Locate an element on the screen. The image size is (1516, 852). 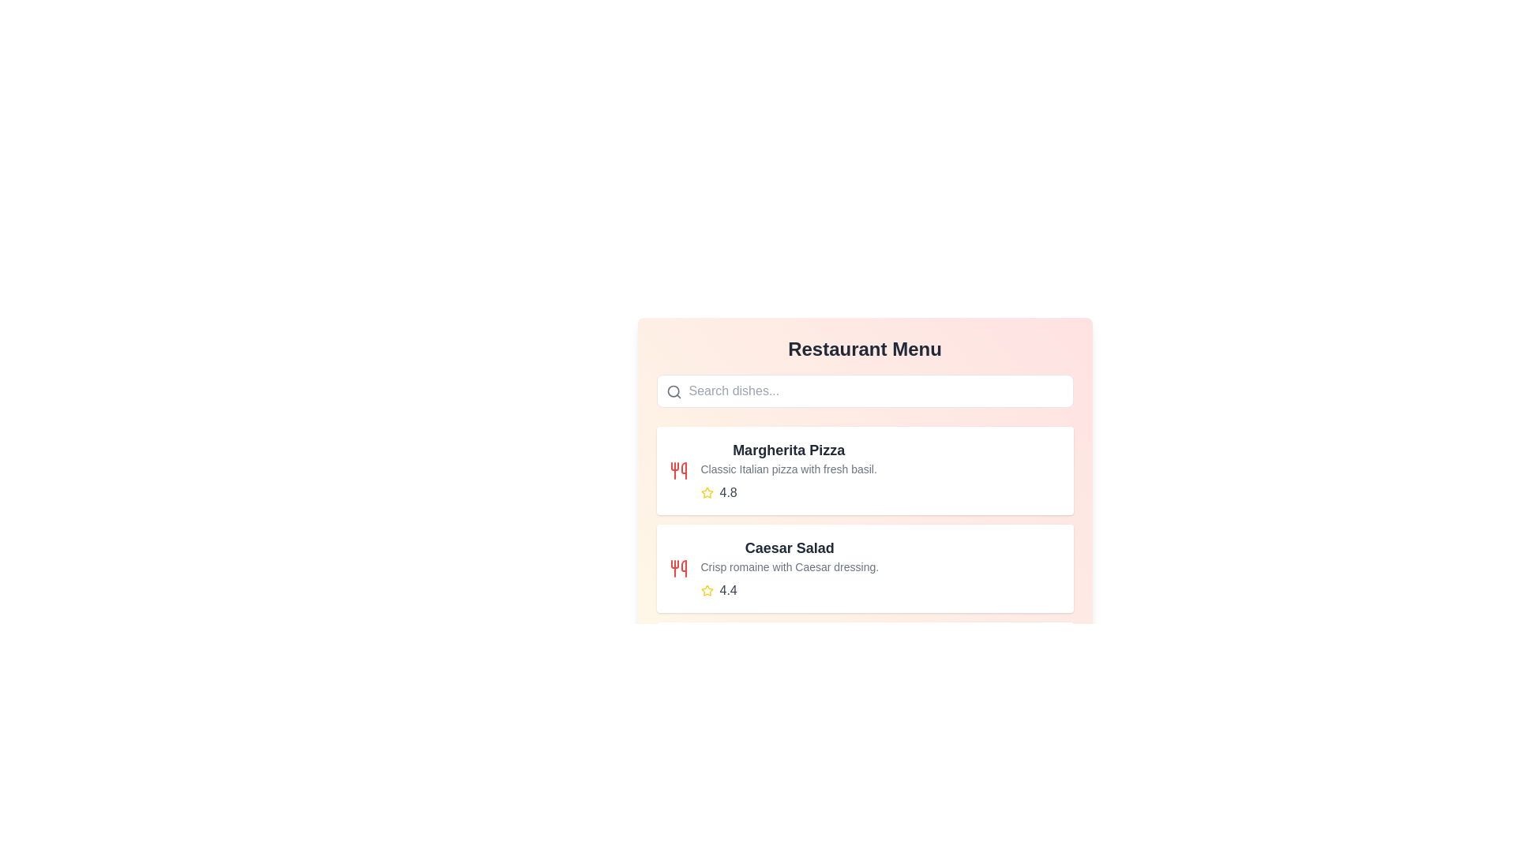
the dining utensils icon adjacent to the text 'Caesar Salad' in the second card of the food items list is located at coordinates (683, 470).